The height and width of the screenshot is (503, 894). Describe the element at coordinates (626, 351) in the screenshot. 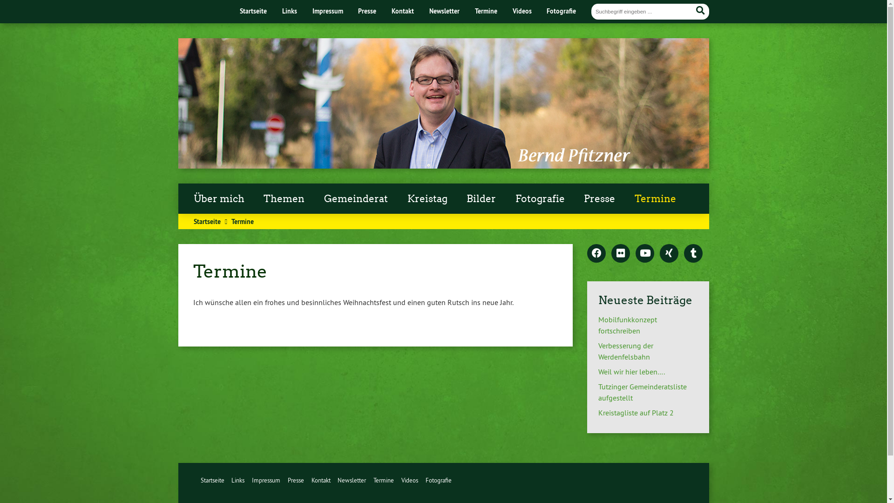

I see `'Verbesserung der Werdenfelsbahn'` at that location.